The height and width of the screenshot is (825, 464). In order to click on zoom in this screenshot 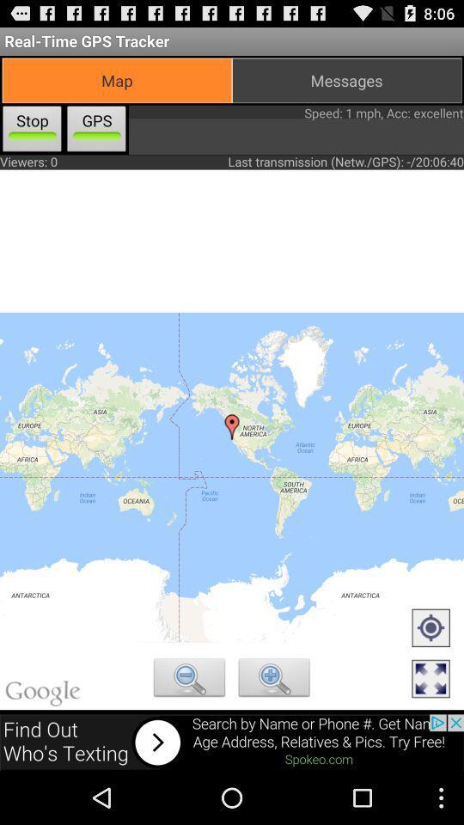, I will do `click(188, 680)`.